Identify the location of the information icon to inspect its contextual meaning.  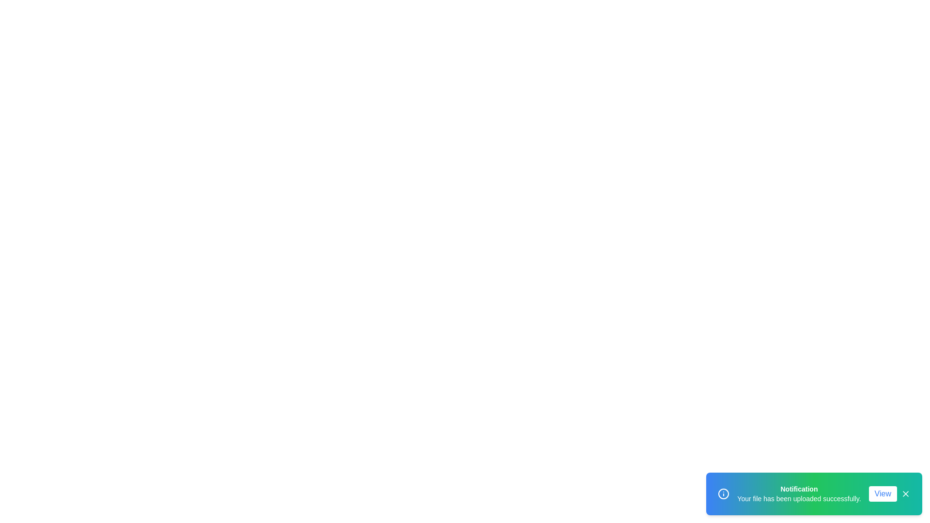
(724, 493).